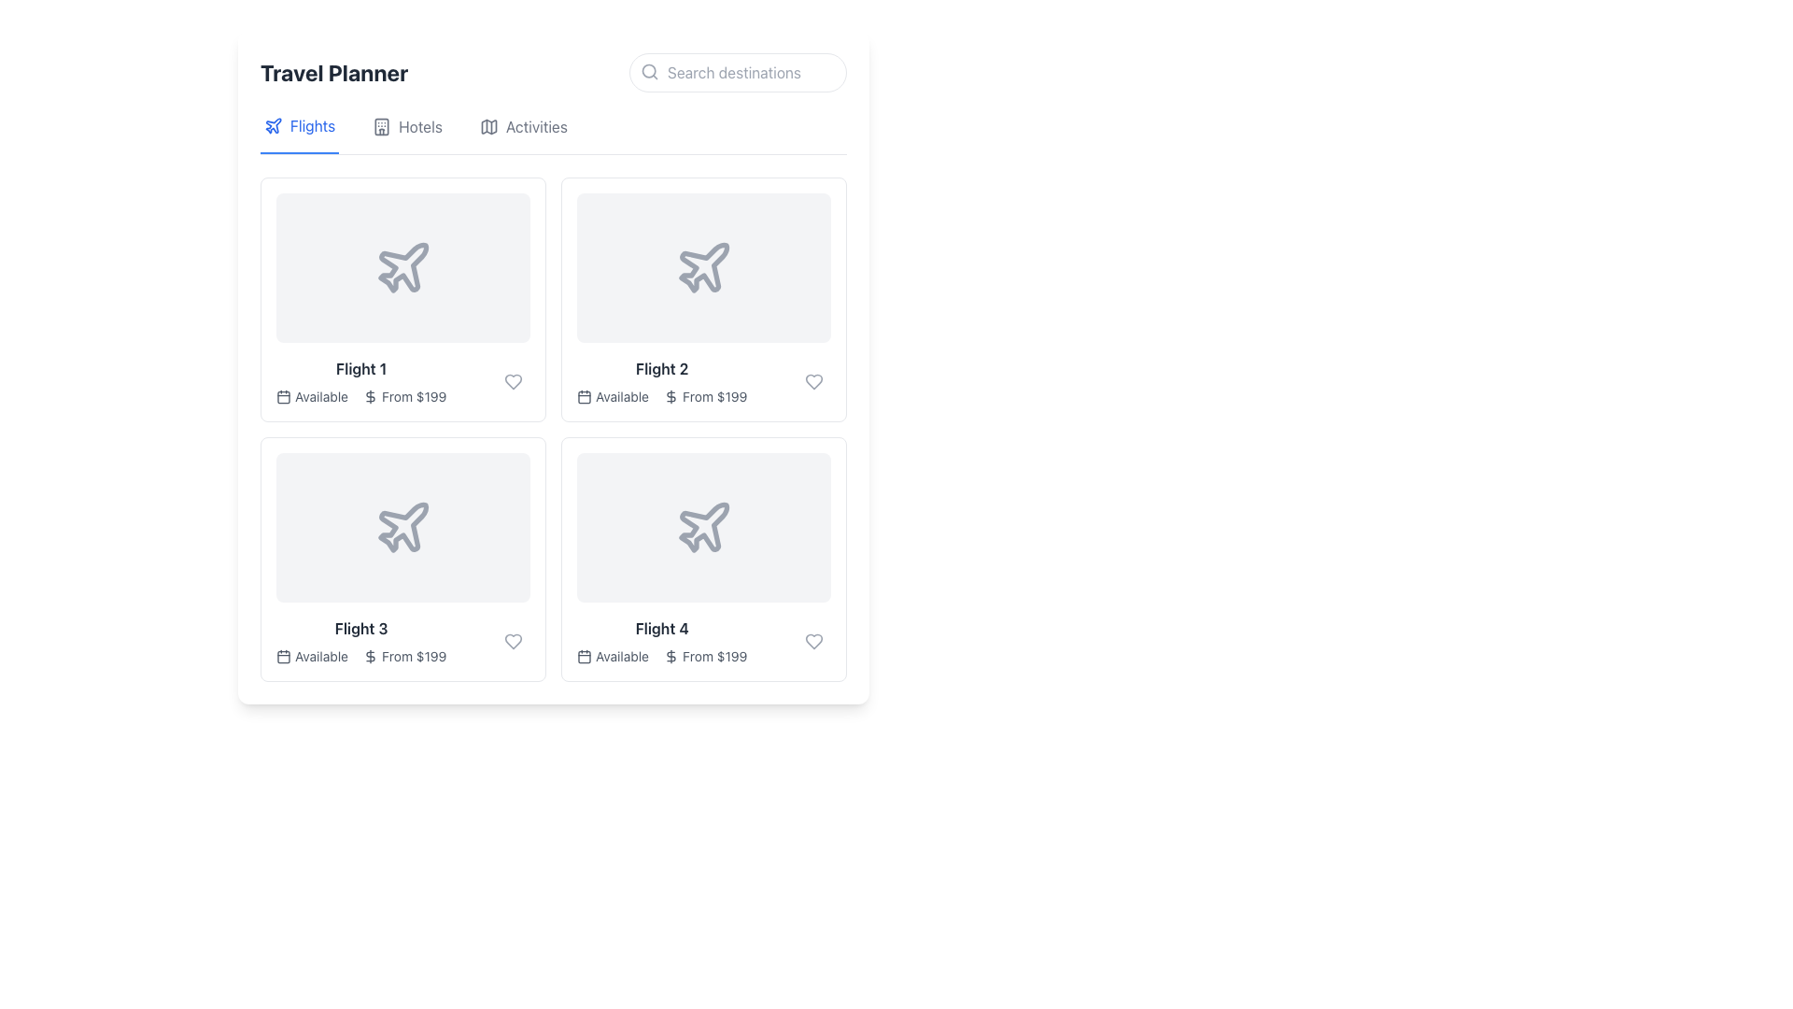 This screenshot has width=1793, height=1009. I want to click on the text element displaying 'From $199', which is located below the 'Available' label and beside the dollar symbol icon for 'Flight 1' in the first row of the grid layout, so click(413, 395).